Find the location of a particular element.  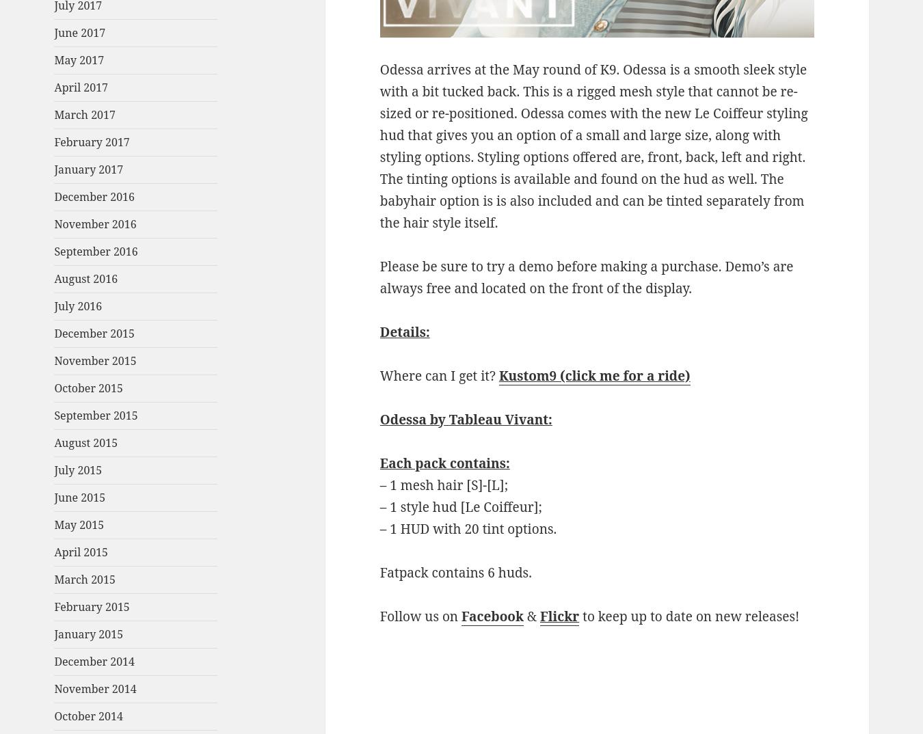

'November 2016' is located at coordinates (95, 223).